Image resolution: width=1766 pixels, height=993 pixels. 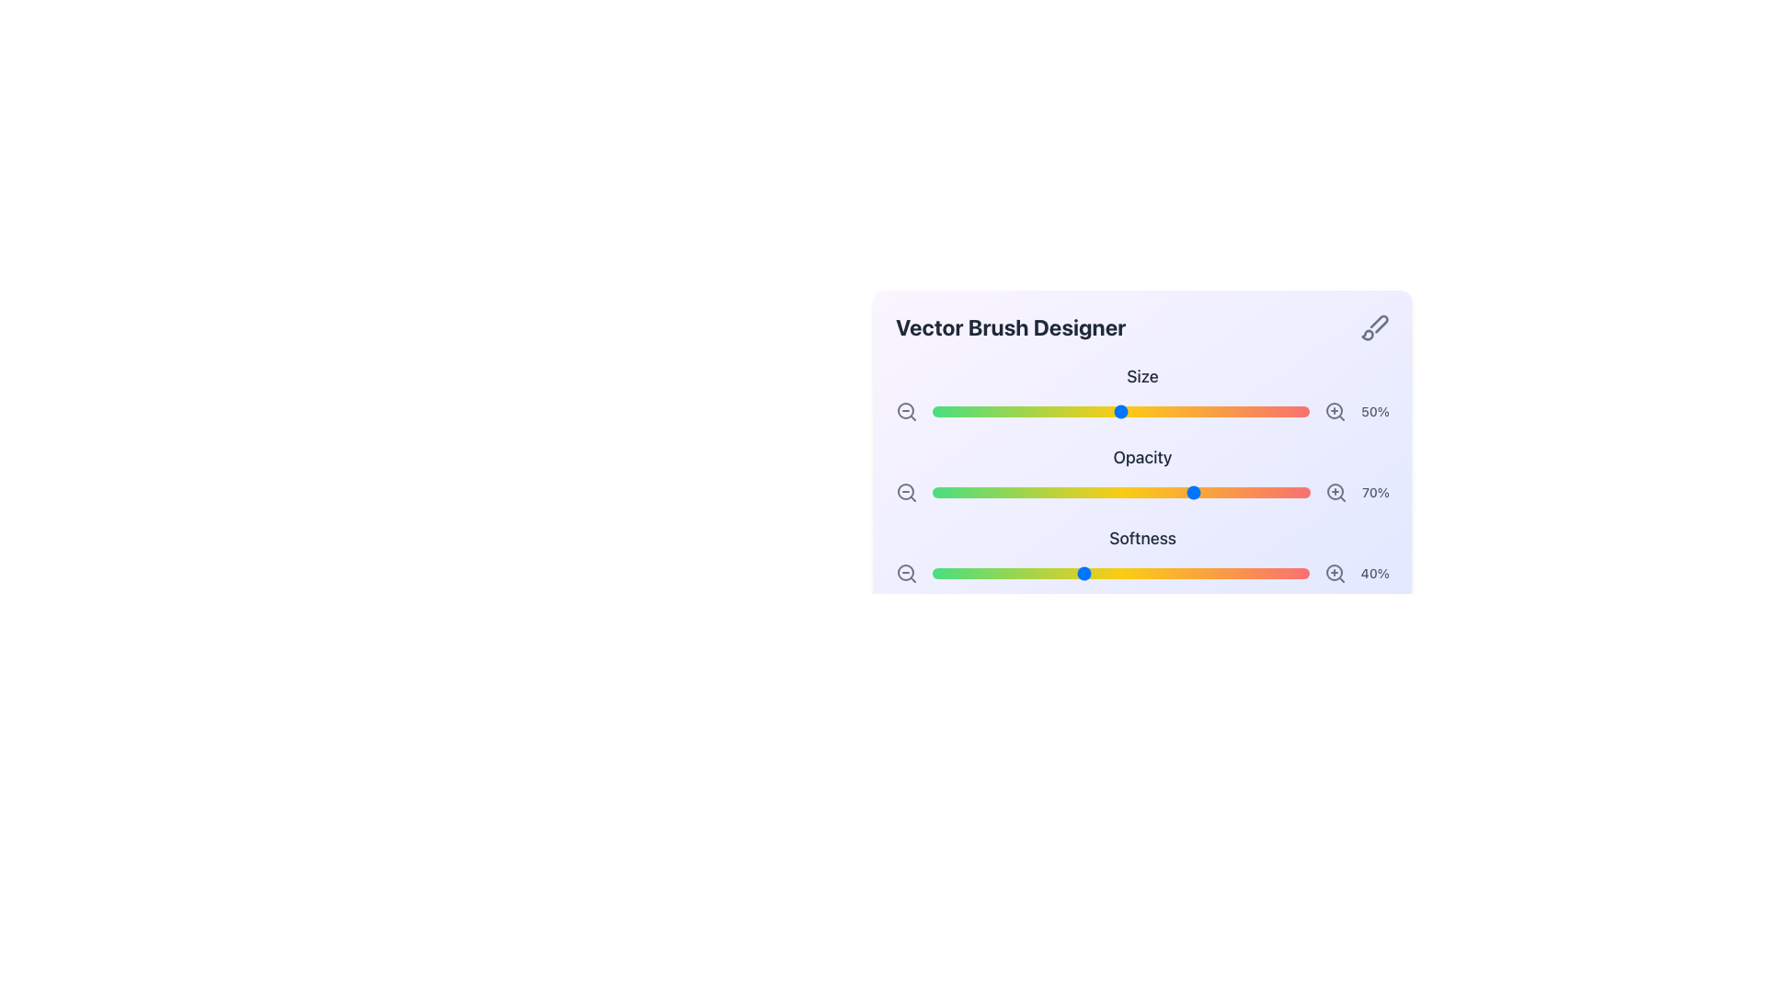 What do you see at coordinates (1041, 573) in the screenshot?
I see `the softness level` at bounding box center [1041, 573].